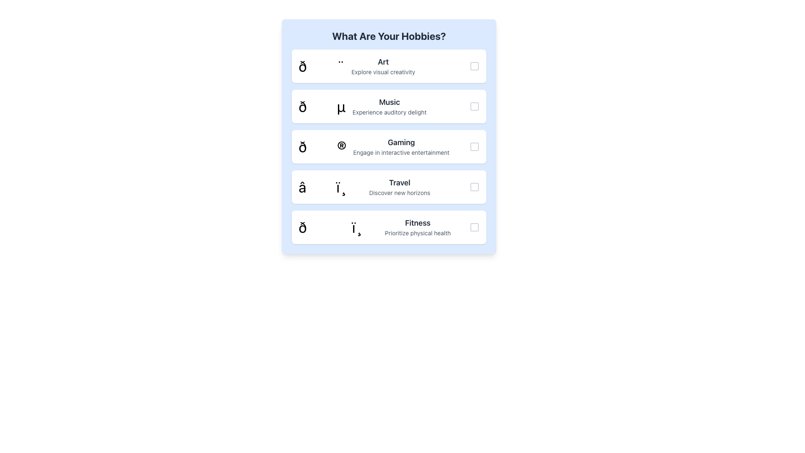  Describe the element at coordinates (388, 106) in the screenshot. I see `the 'Music' selection card` at that location.